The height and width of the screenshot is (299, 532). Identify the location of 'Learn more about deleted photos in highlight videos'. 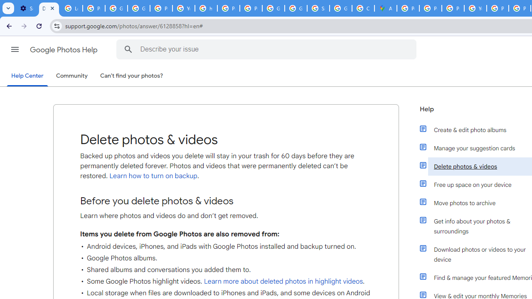
(283, 281).